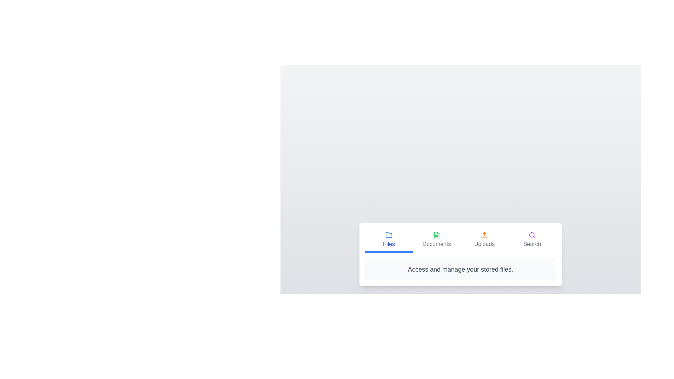 This screenshot has height=379, width=674. I want to click on the tab labeled Documents to view its content, so click(436, 240).